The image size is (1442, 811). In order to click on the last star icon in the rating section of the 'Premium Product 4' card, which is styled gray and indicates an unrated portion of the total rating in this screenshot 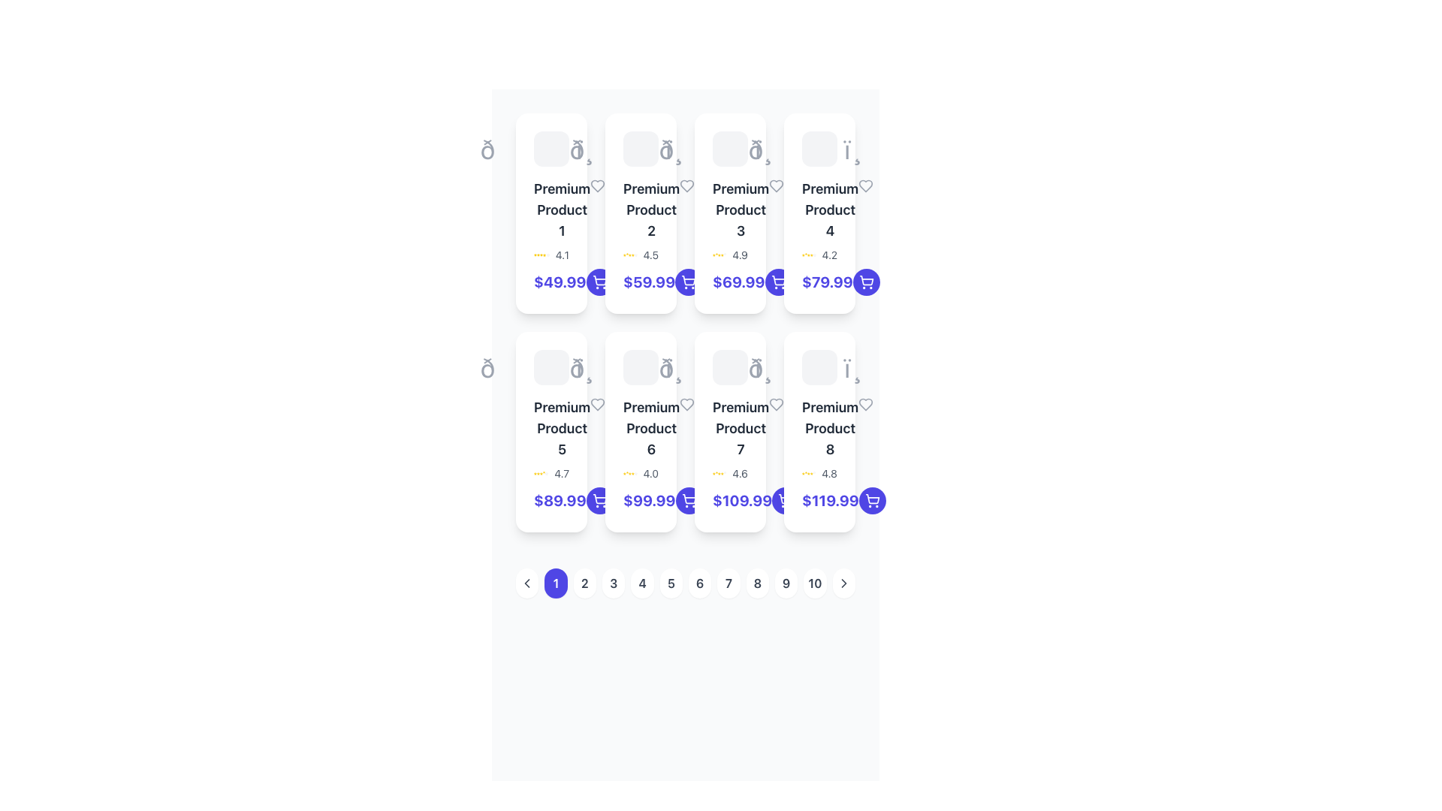, I will do `click(813, 254)`.